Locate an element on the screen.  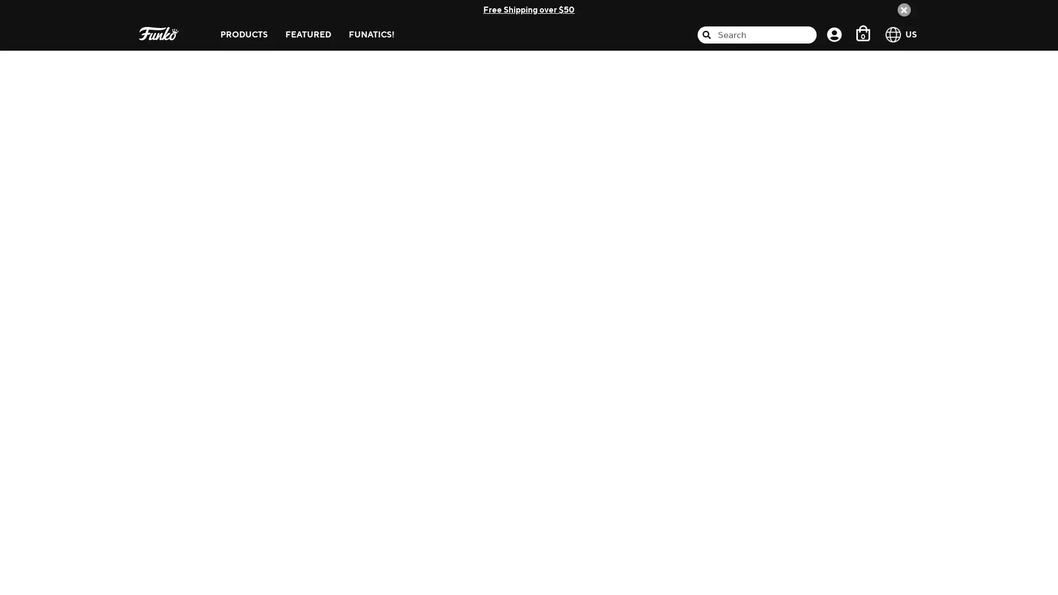
SEARCH is located at coordinates (780, 121).